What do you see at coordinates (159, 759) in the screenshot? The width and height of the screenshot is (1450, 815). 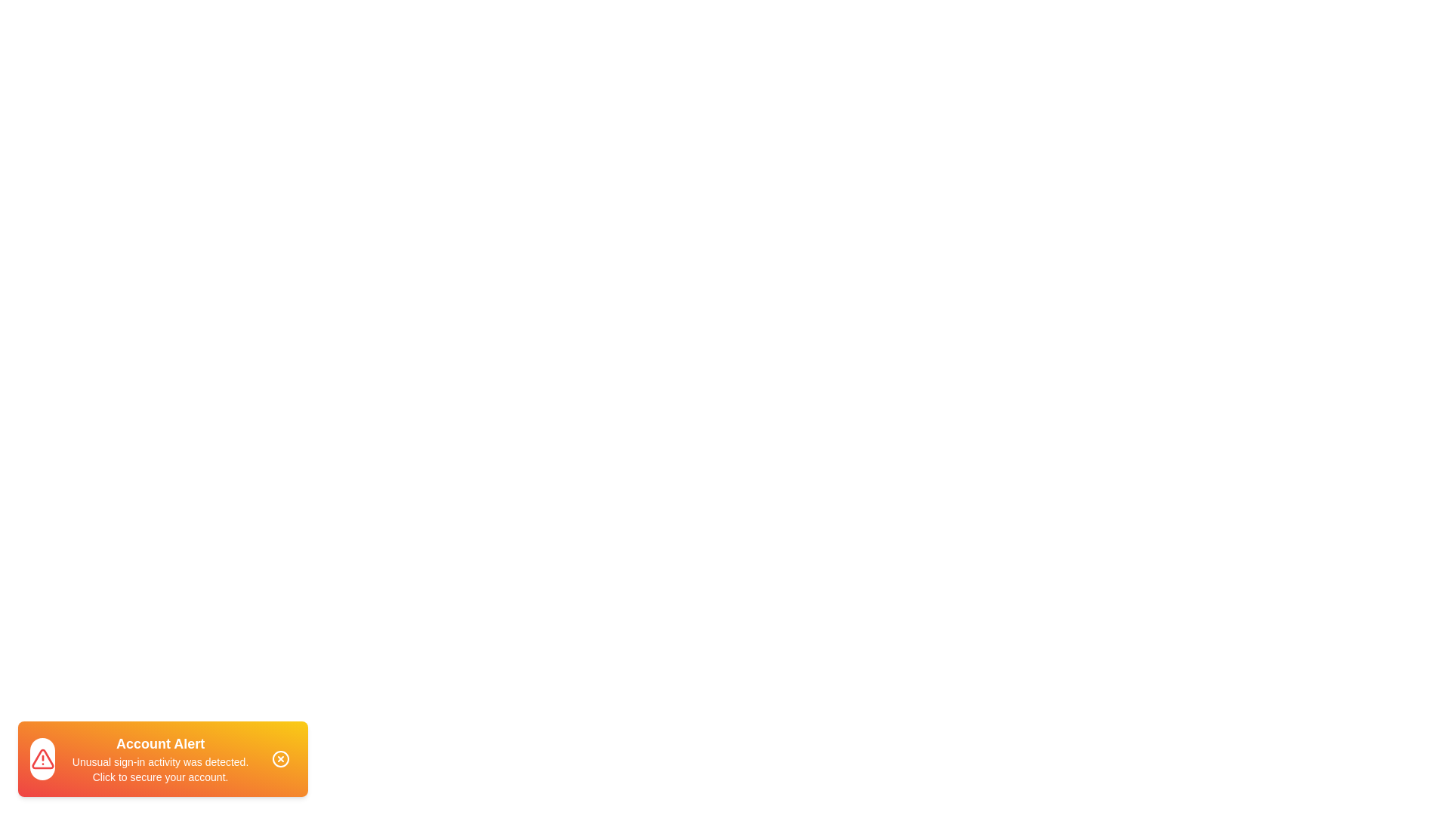 I see `the 'Click to secure your account' text area or button to proceed with securing the account` at bounding box center [159, 759].